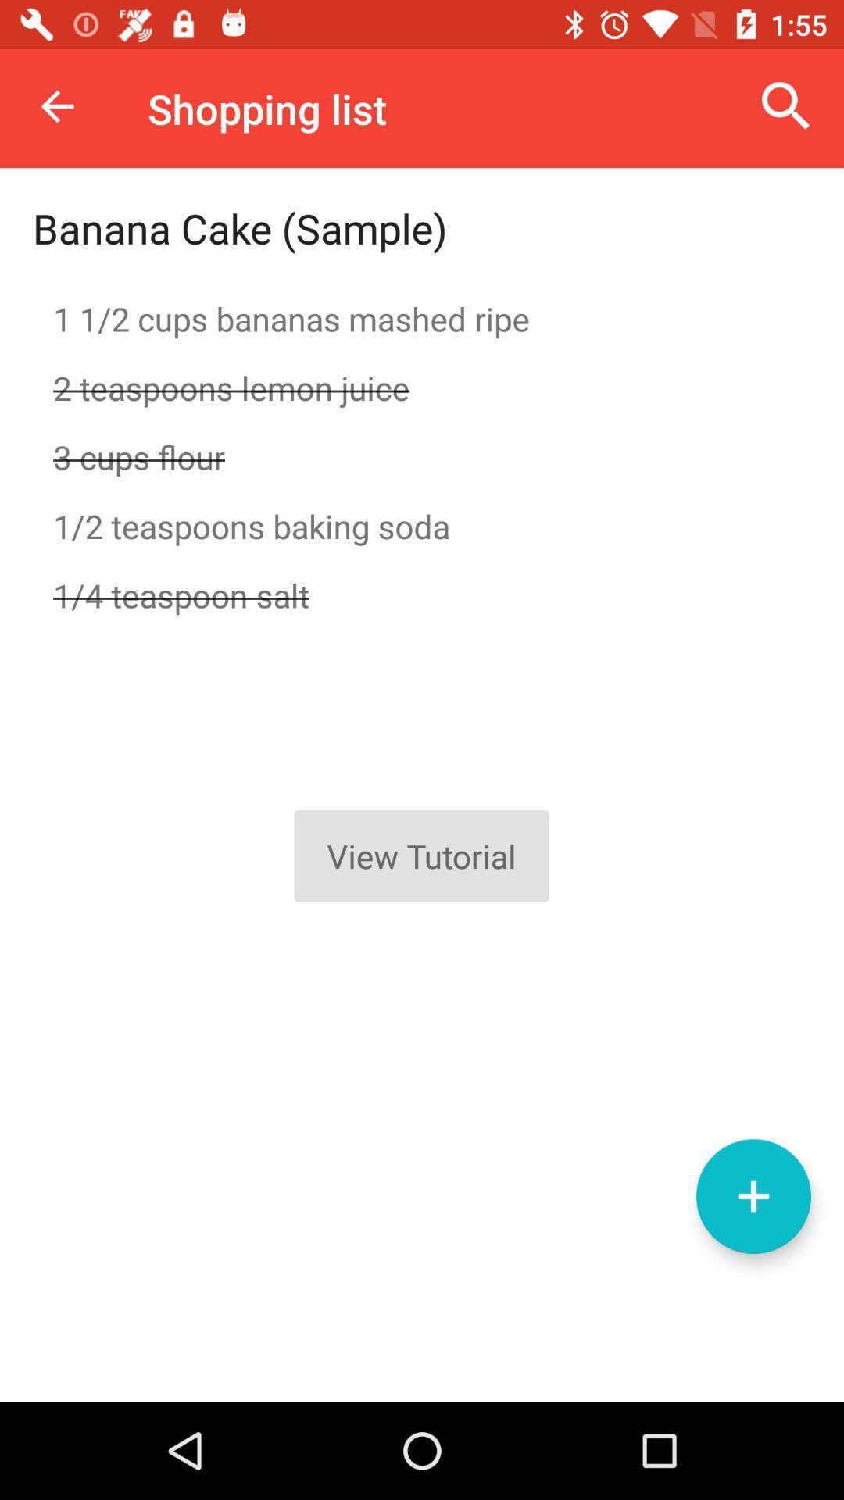  What do you see at coordinates (422, 456) in the screenshot?
I see `item below the 2 teaspoons lemon icon` at bounding box center [422, 456].